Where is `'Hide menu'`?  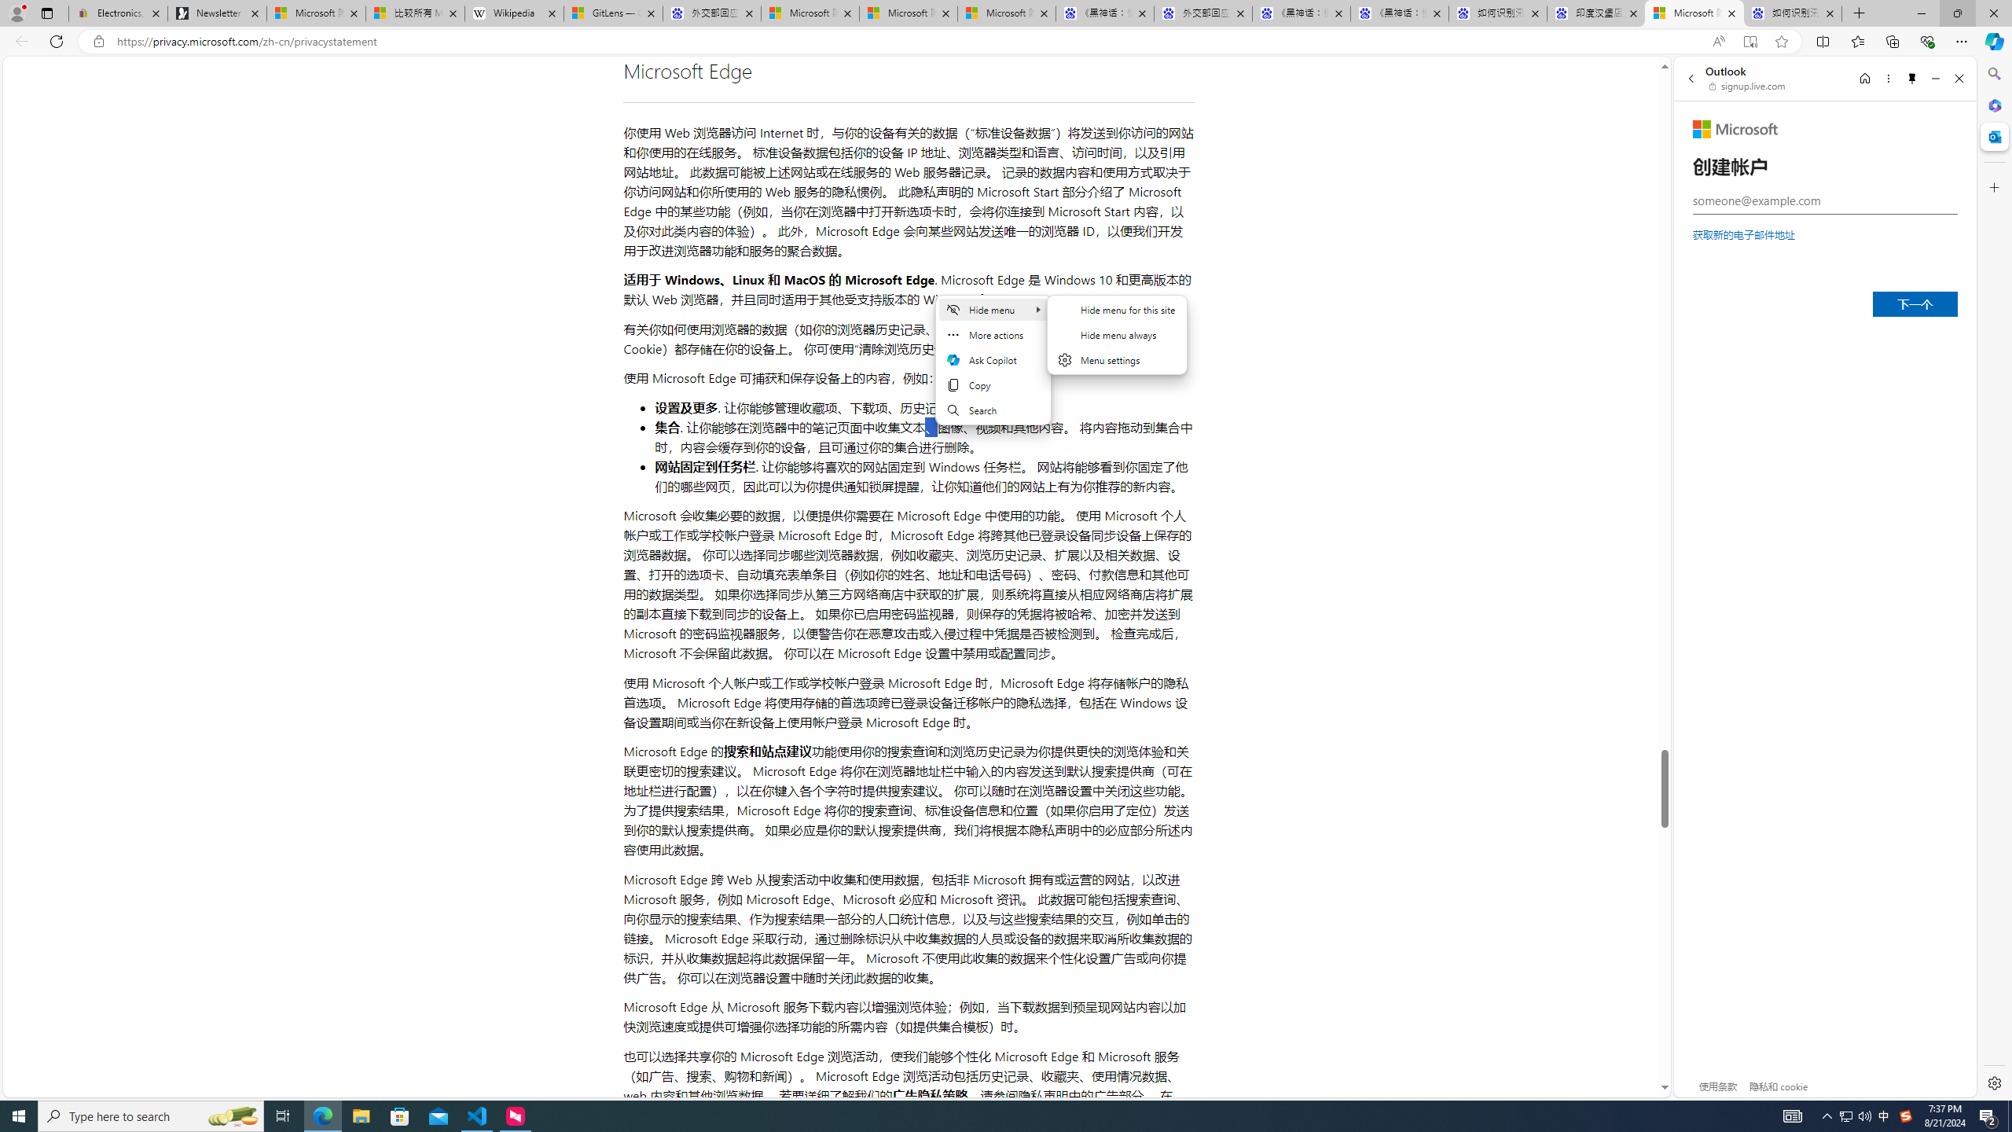
'Hide menu' is located at coordinates (1115, 343).